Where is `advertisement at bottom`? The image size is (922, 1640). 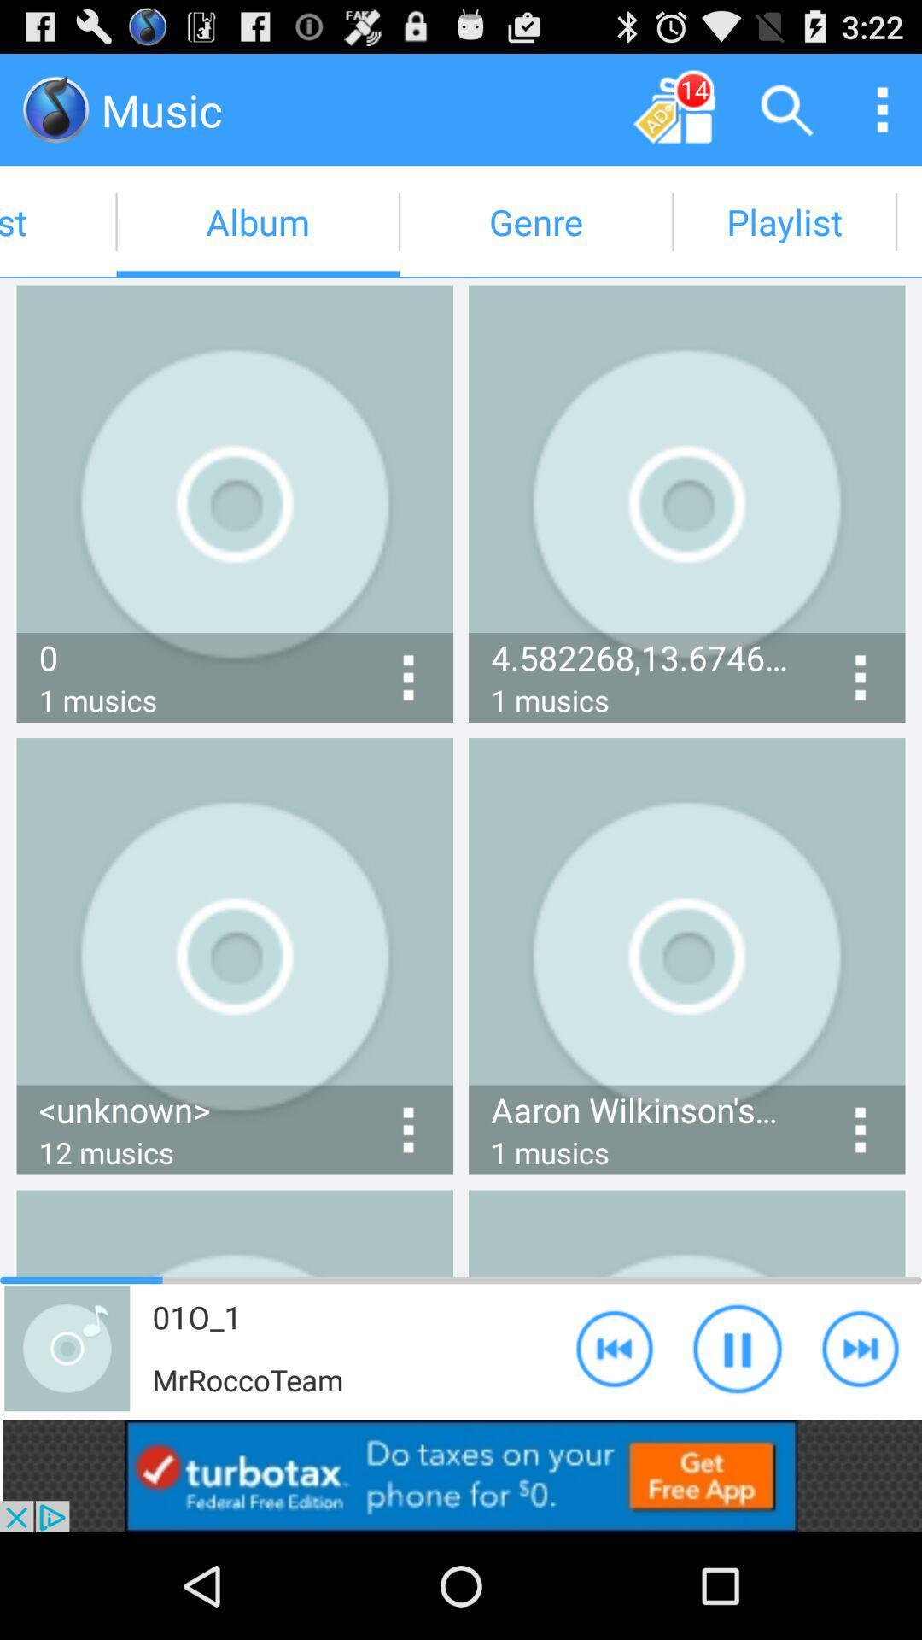 advertisement at bottom is located at coordinates (461, 1475).